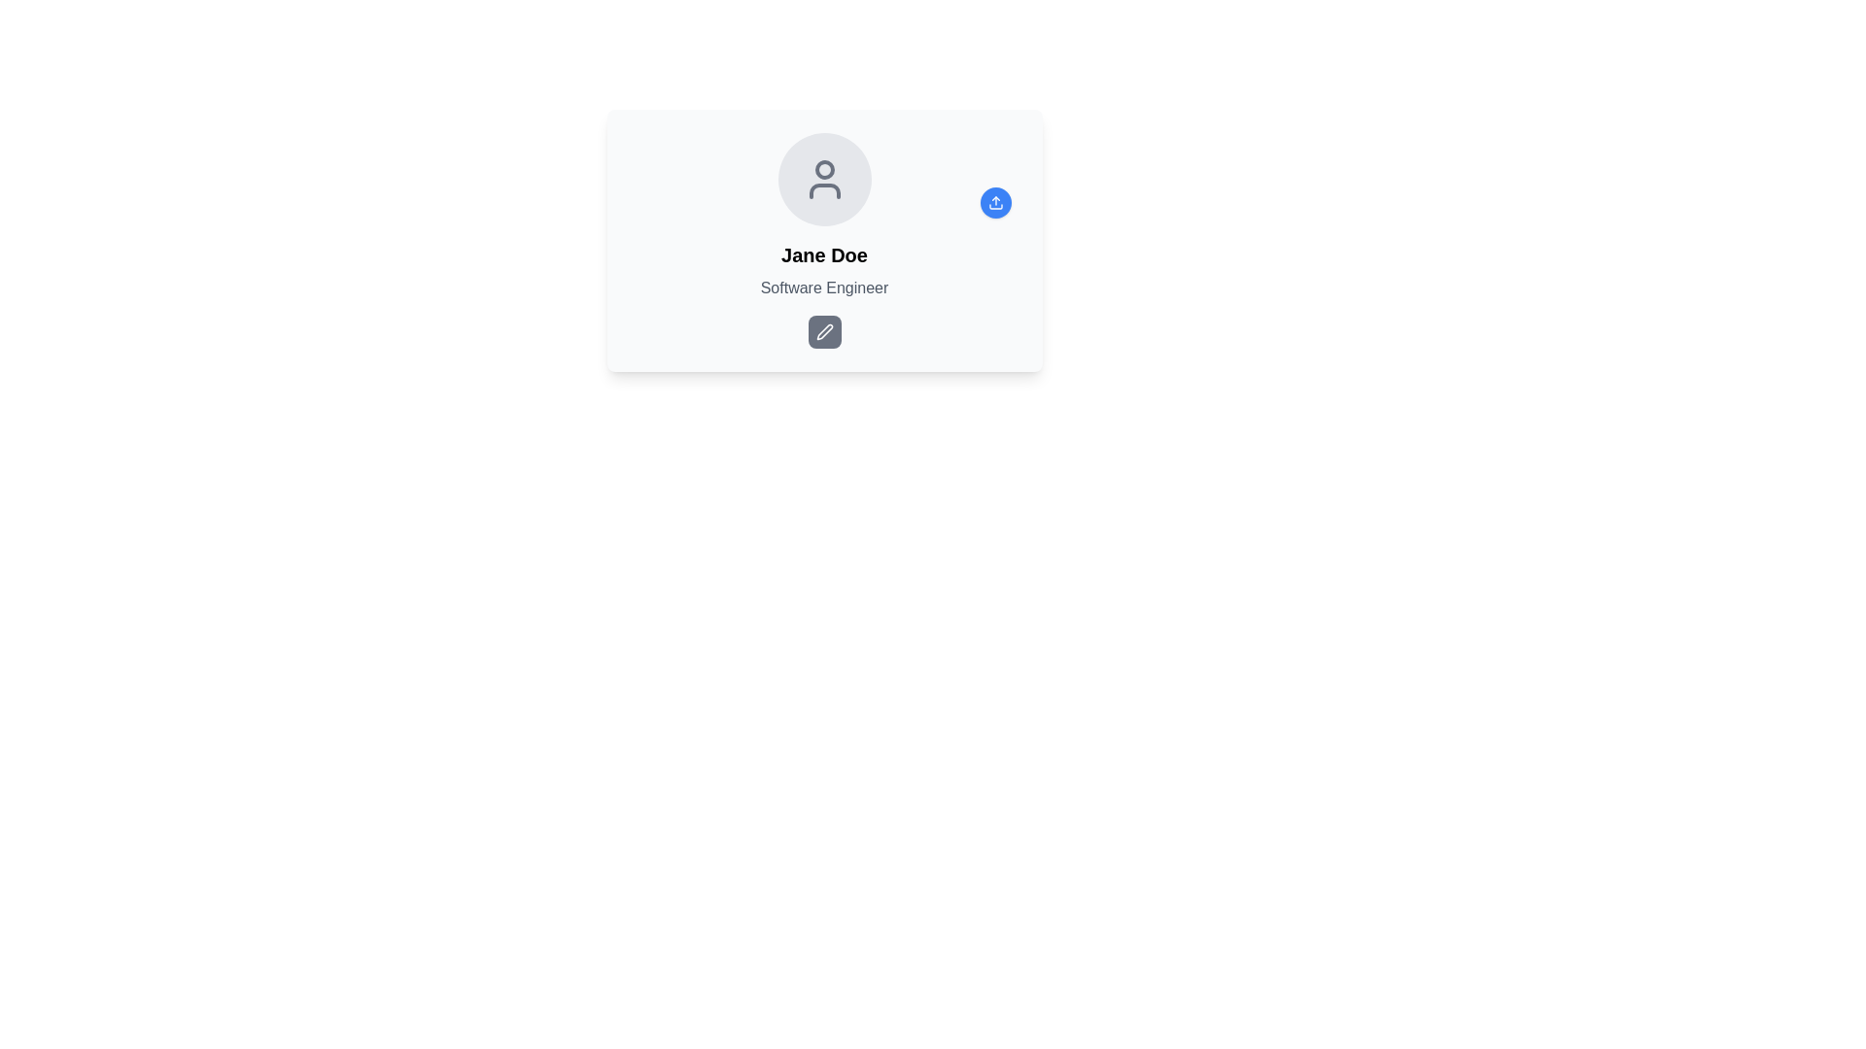 Image resolution: width=1866 pixels, height=1049 pixels. I want to click on text component displaying the name 'Jane Doe', which is prominently styled in bold and larger font, located within the card below the profile icon, so click(824, 254).